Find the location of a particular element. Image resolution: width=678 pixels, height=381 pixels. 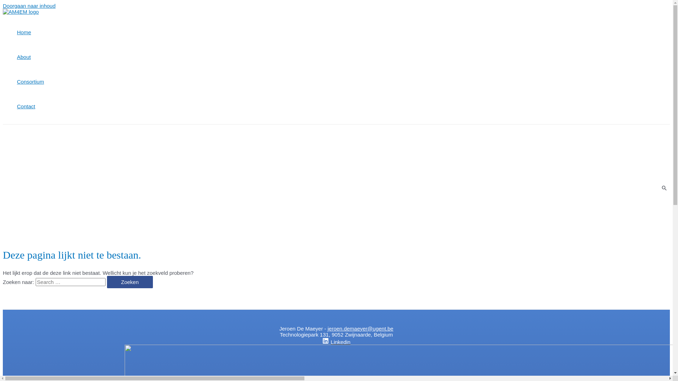

'jeroen.demaeyer@ugent.be' is located at coordinates (327, 328).